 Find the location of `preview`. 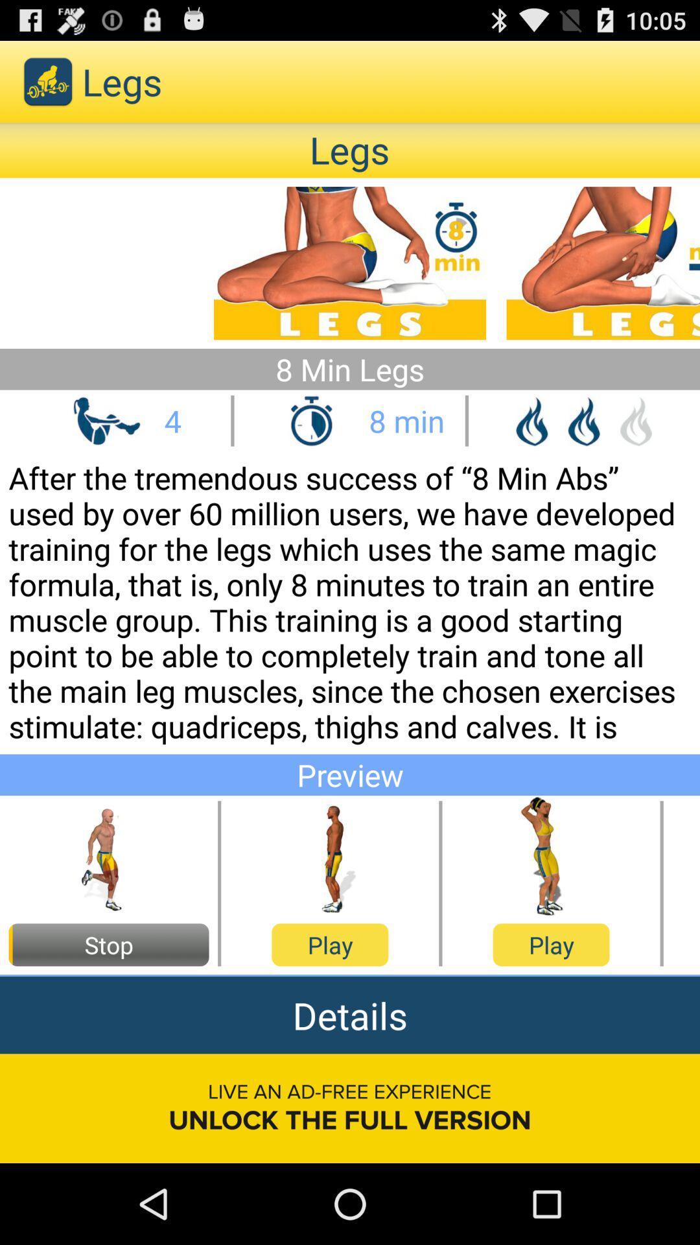

preview is located at coordinates (551, 857).